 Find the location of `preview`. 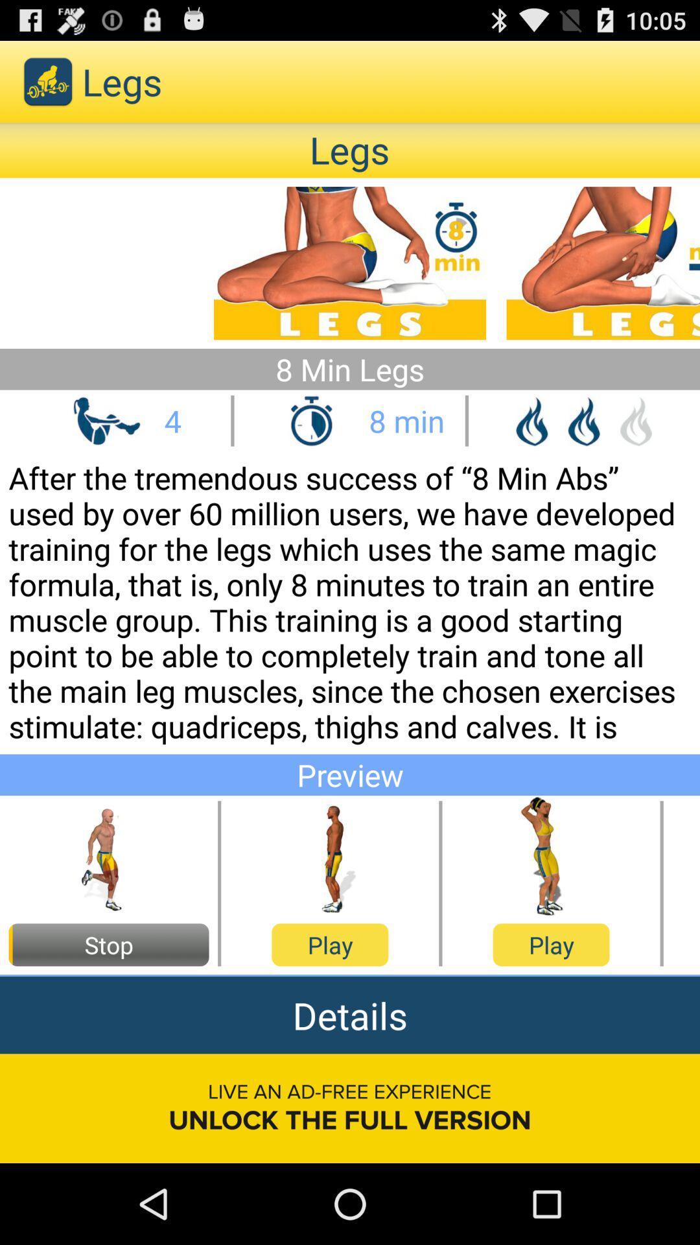

preview is located at coordinates (551, 857).